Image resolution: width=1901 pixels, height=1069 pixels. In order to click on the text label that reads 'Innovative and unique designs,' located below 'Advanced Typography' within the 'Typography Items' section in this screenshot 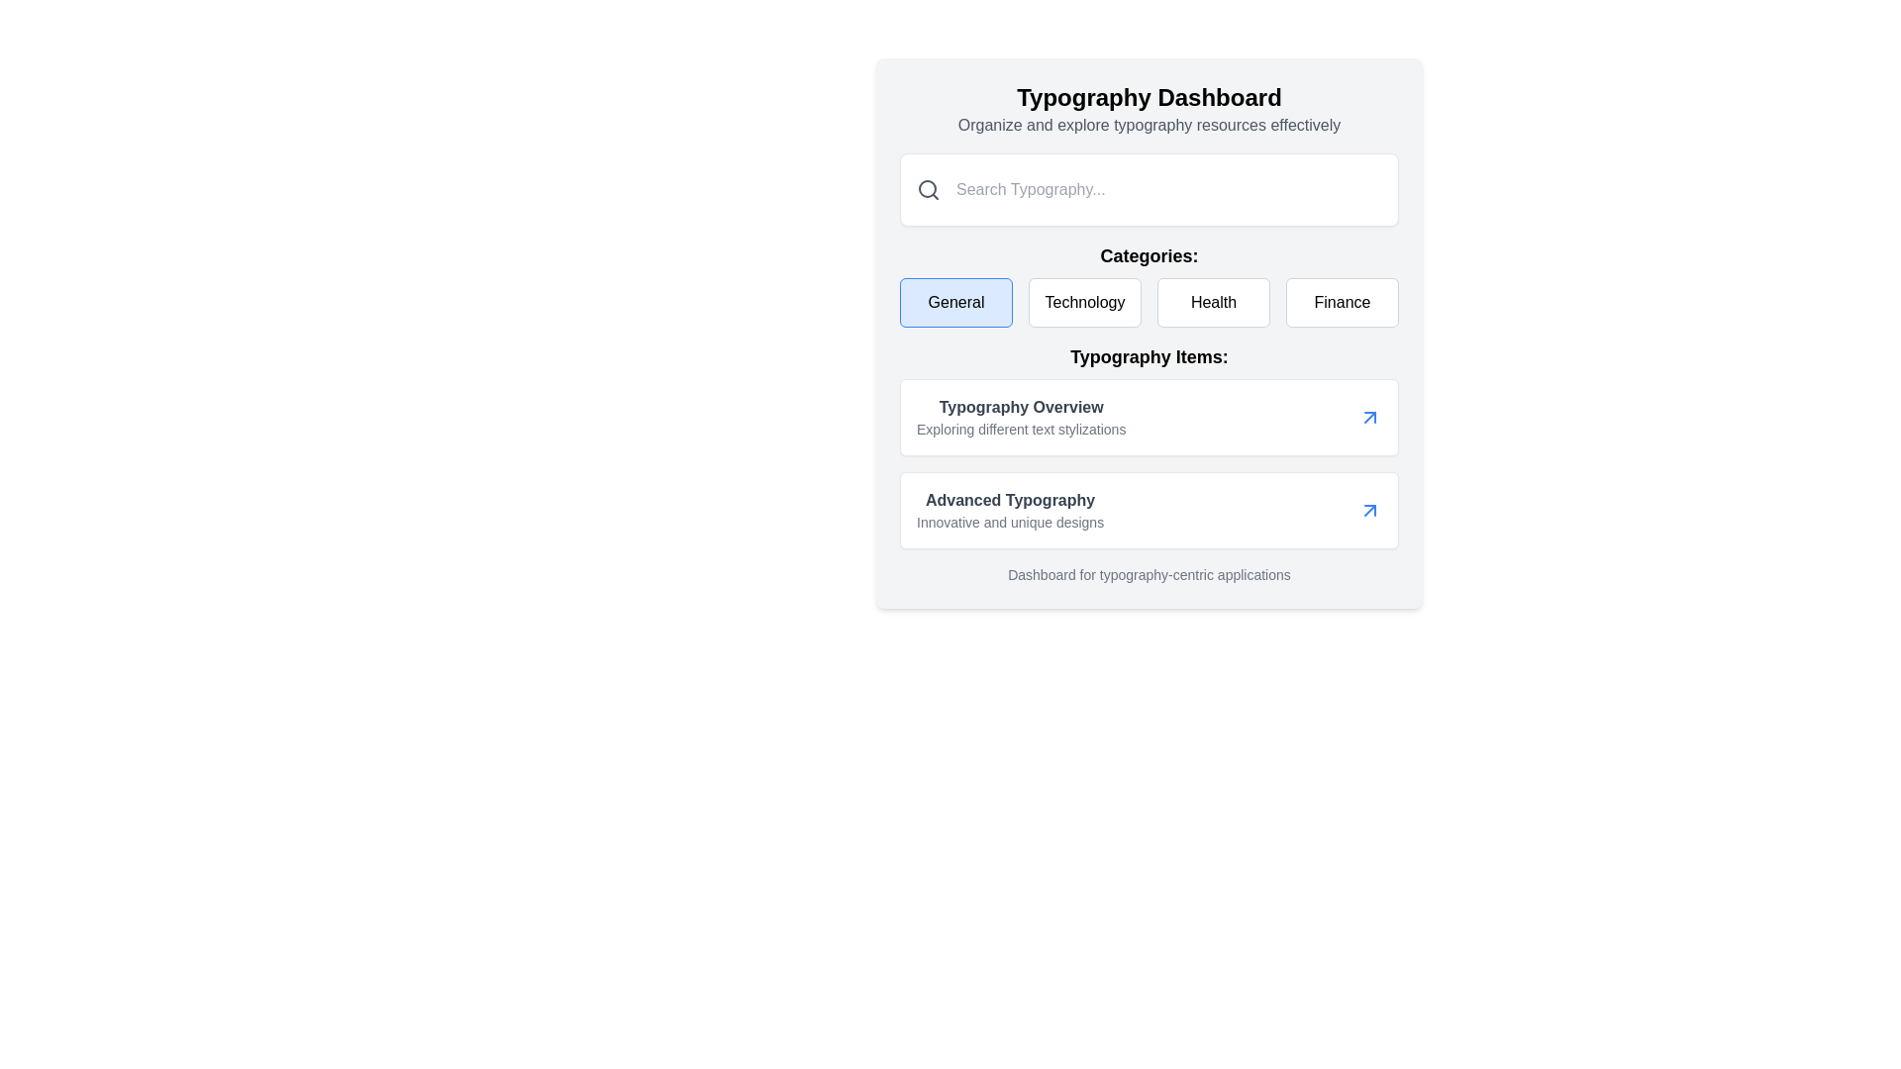, I will do `click(1010, 522)`.